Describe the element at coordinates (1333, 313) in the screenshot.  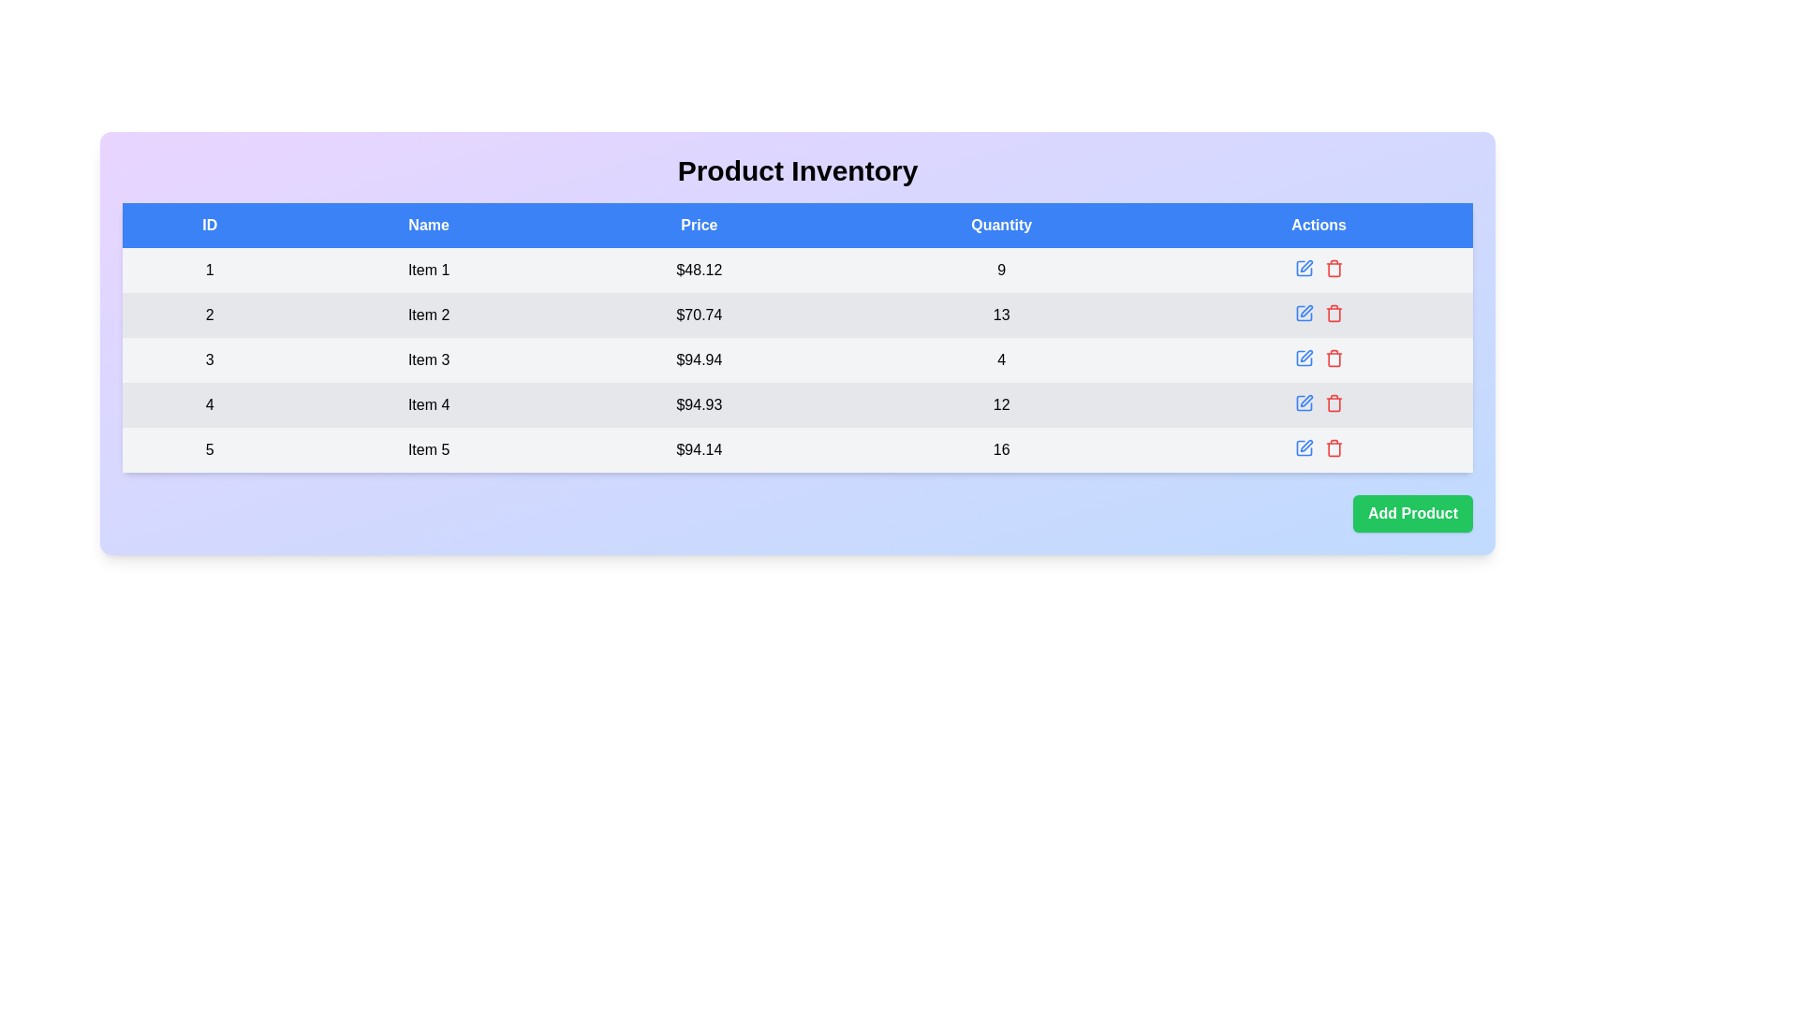
I see `the delete action icon button located` at that location.